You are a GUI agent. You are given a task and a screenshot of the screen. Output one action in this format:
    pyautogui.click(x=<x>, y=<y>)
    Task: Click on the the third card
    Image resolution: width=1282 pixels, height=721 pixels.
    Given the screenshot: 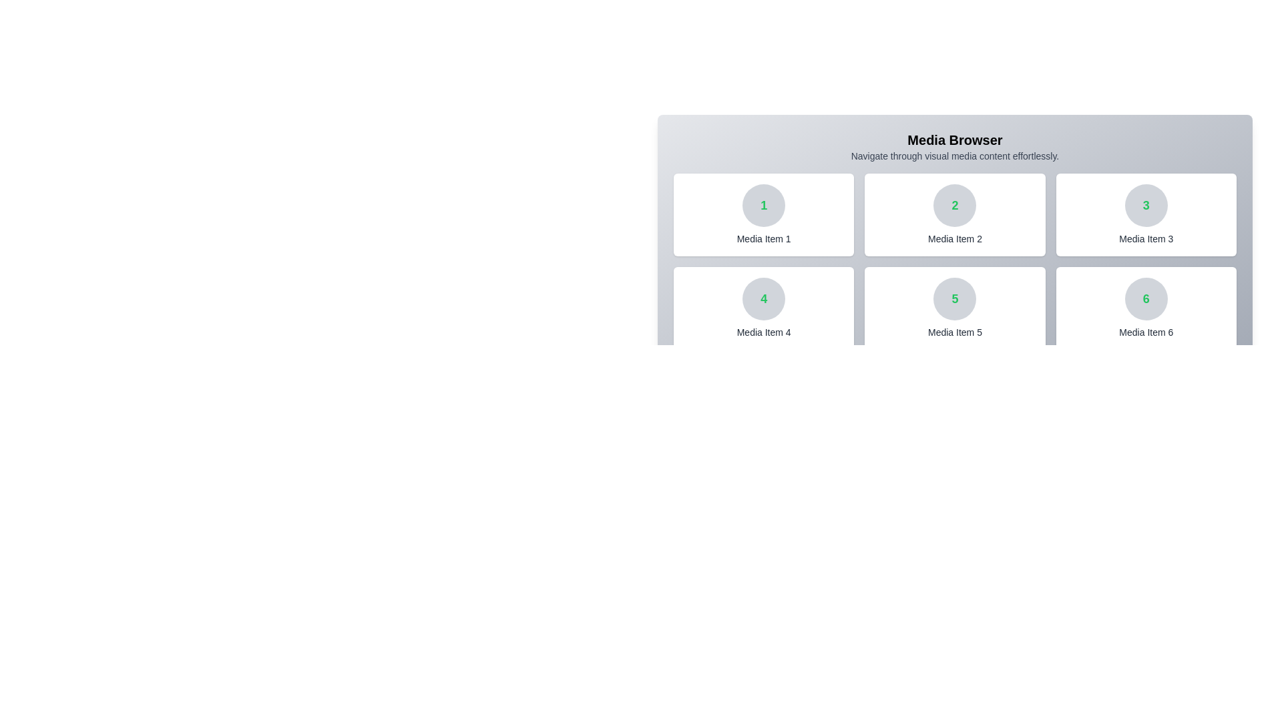 What is the action you would take?
    pyautogui.click(x=1145, y=214)
    